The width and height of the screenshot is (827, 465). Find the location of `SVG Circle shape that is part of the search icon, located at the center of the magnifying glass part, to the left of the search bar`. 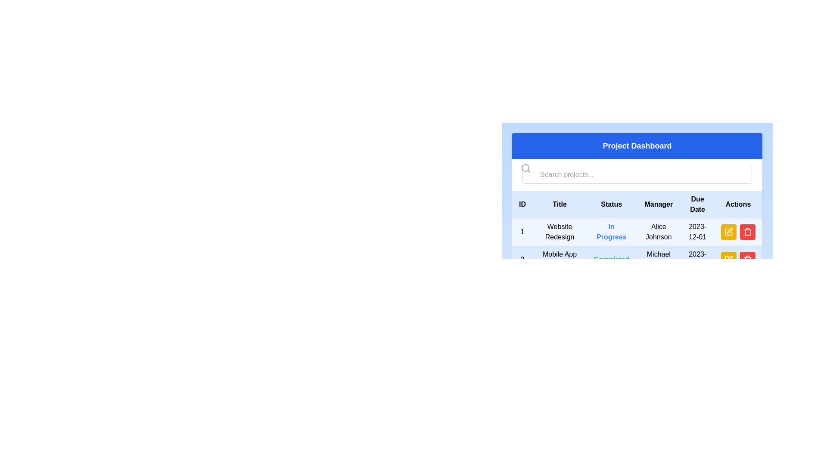

SVG Circle shape that is part of the search icon, located at the center of the magnifying glass part, to the left of the search bar is located at coordinates (525, 167).